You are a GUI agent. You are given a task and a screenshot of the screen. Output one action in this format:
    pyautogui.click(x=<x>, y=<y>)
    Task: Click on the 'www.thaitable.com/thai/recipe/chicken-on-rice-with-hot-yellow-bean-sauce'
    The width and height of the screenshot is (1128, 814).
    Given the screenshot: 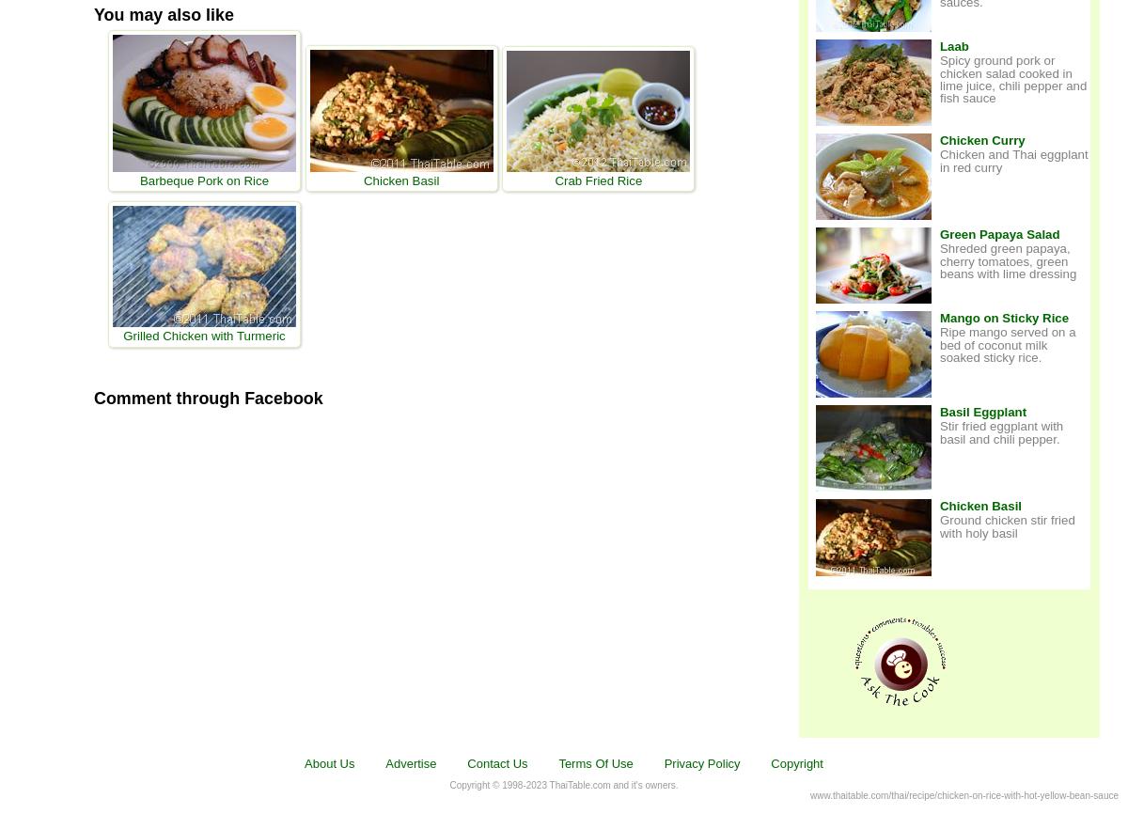 What is the action you would take?
    pyautogui.click(x=964, y=793)
    